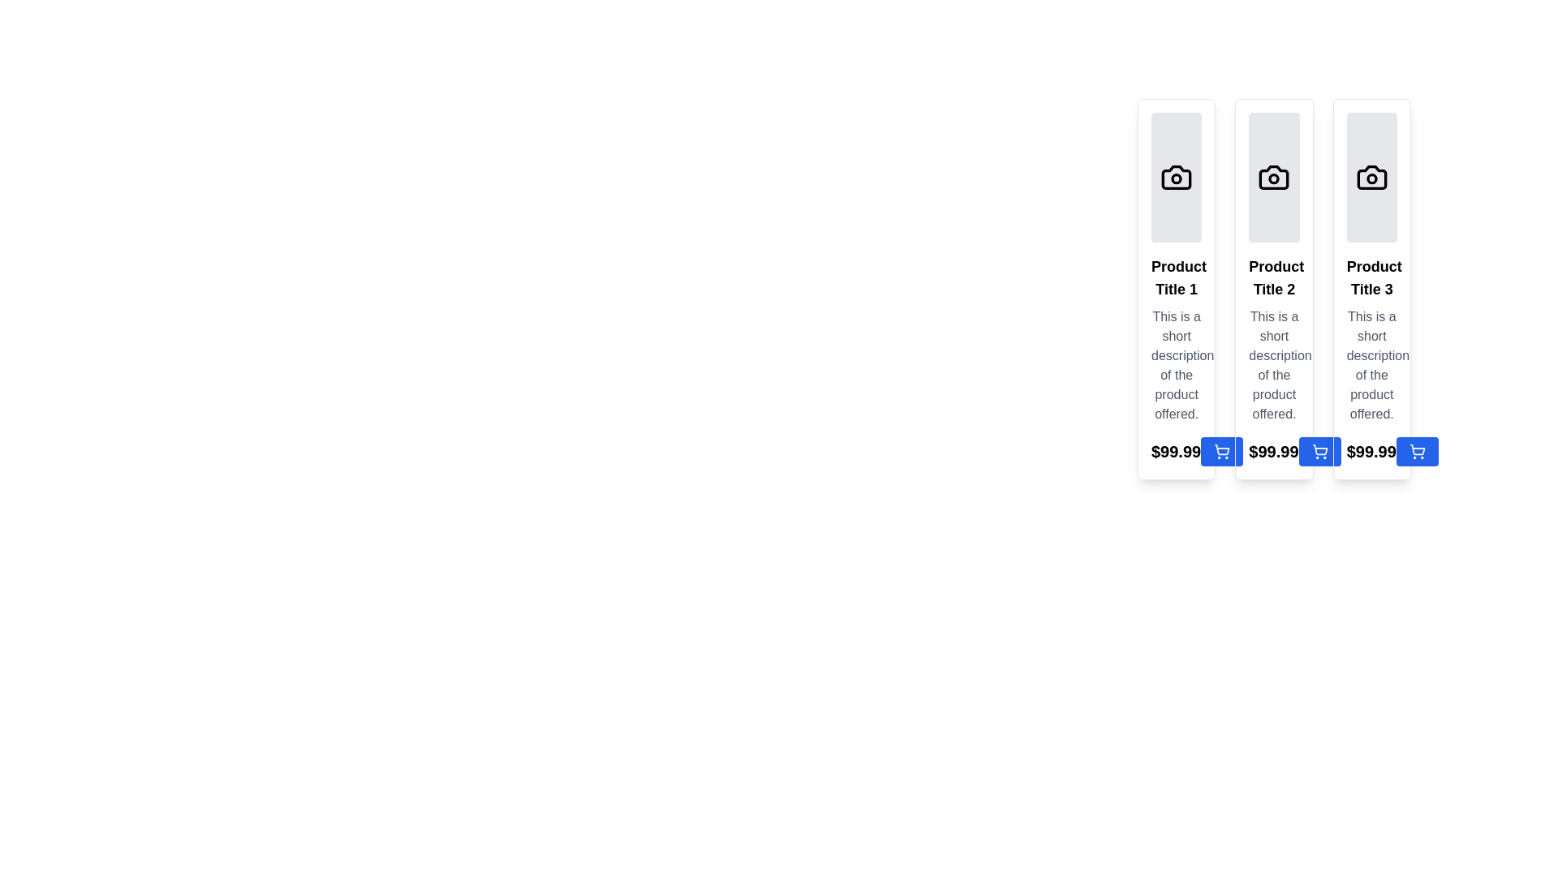 This screenshot has width=1558, height=876. I want to click on the descriptive text block with gray-colored font located below 'Product Title 1' and above the price '$99.99', so click(1177, 366).